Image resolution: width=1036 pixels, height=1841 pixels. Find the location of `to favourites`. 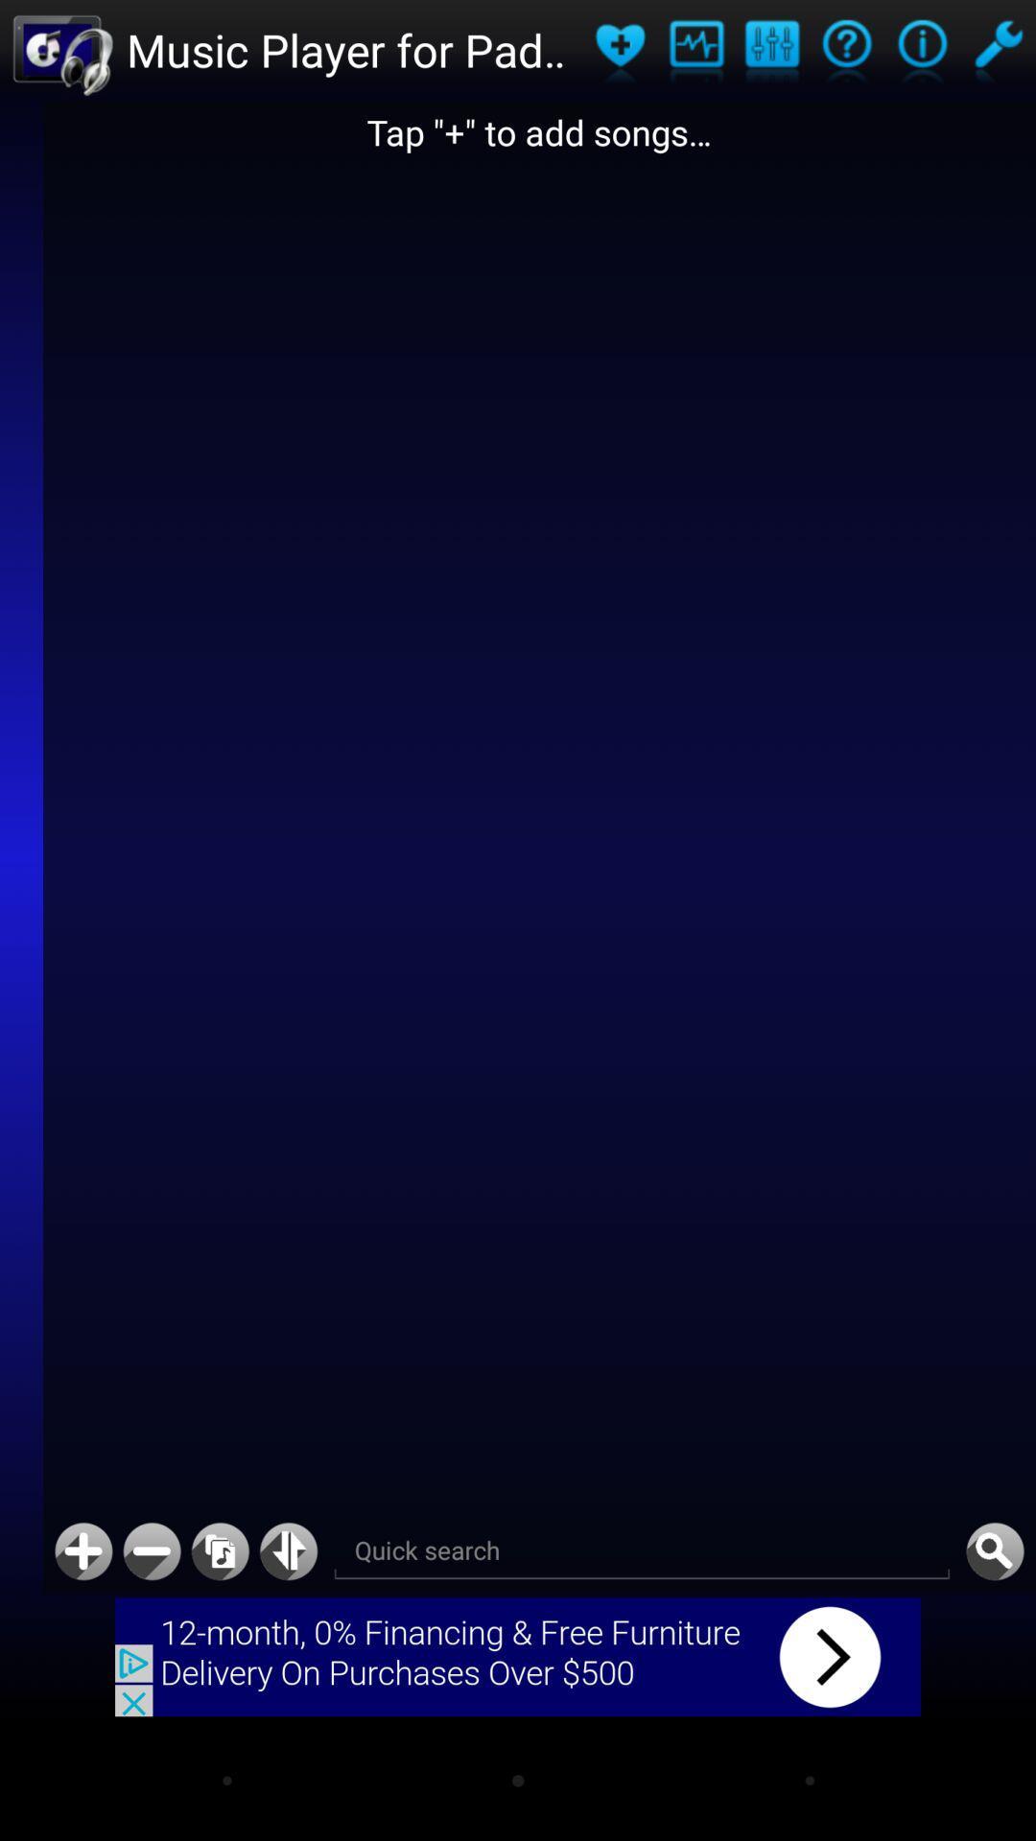

to favourites is located at coordinates (620, 50).